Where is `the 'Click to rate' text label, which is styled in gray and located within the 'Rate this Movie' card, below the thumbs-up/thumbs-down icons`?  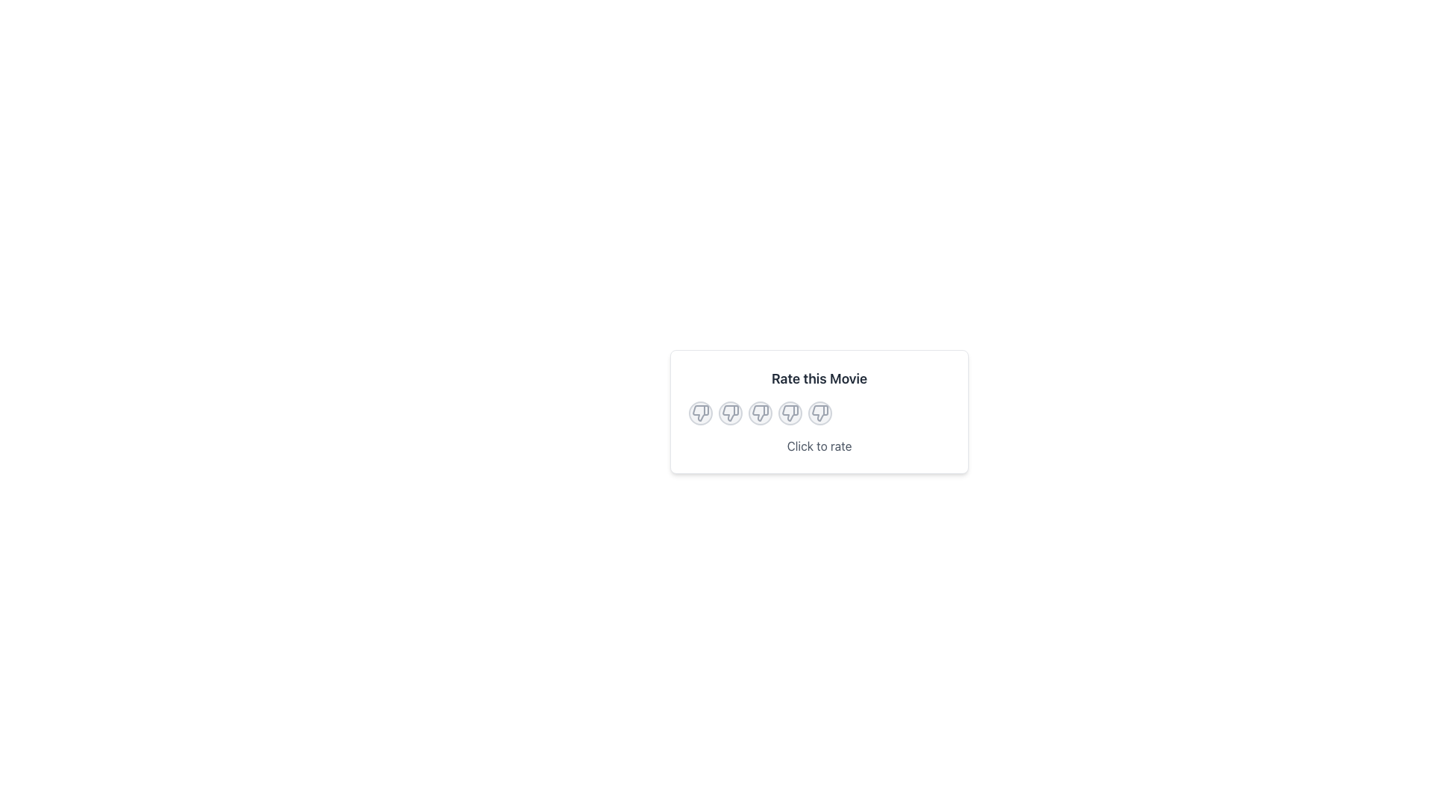 the 'Click to rate' text label, which is styled in gray and located within the 'Rate this Movie' card, below the thumbs-up/thumbs-down icons is located at coordinates (819, 445).